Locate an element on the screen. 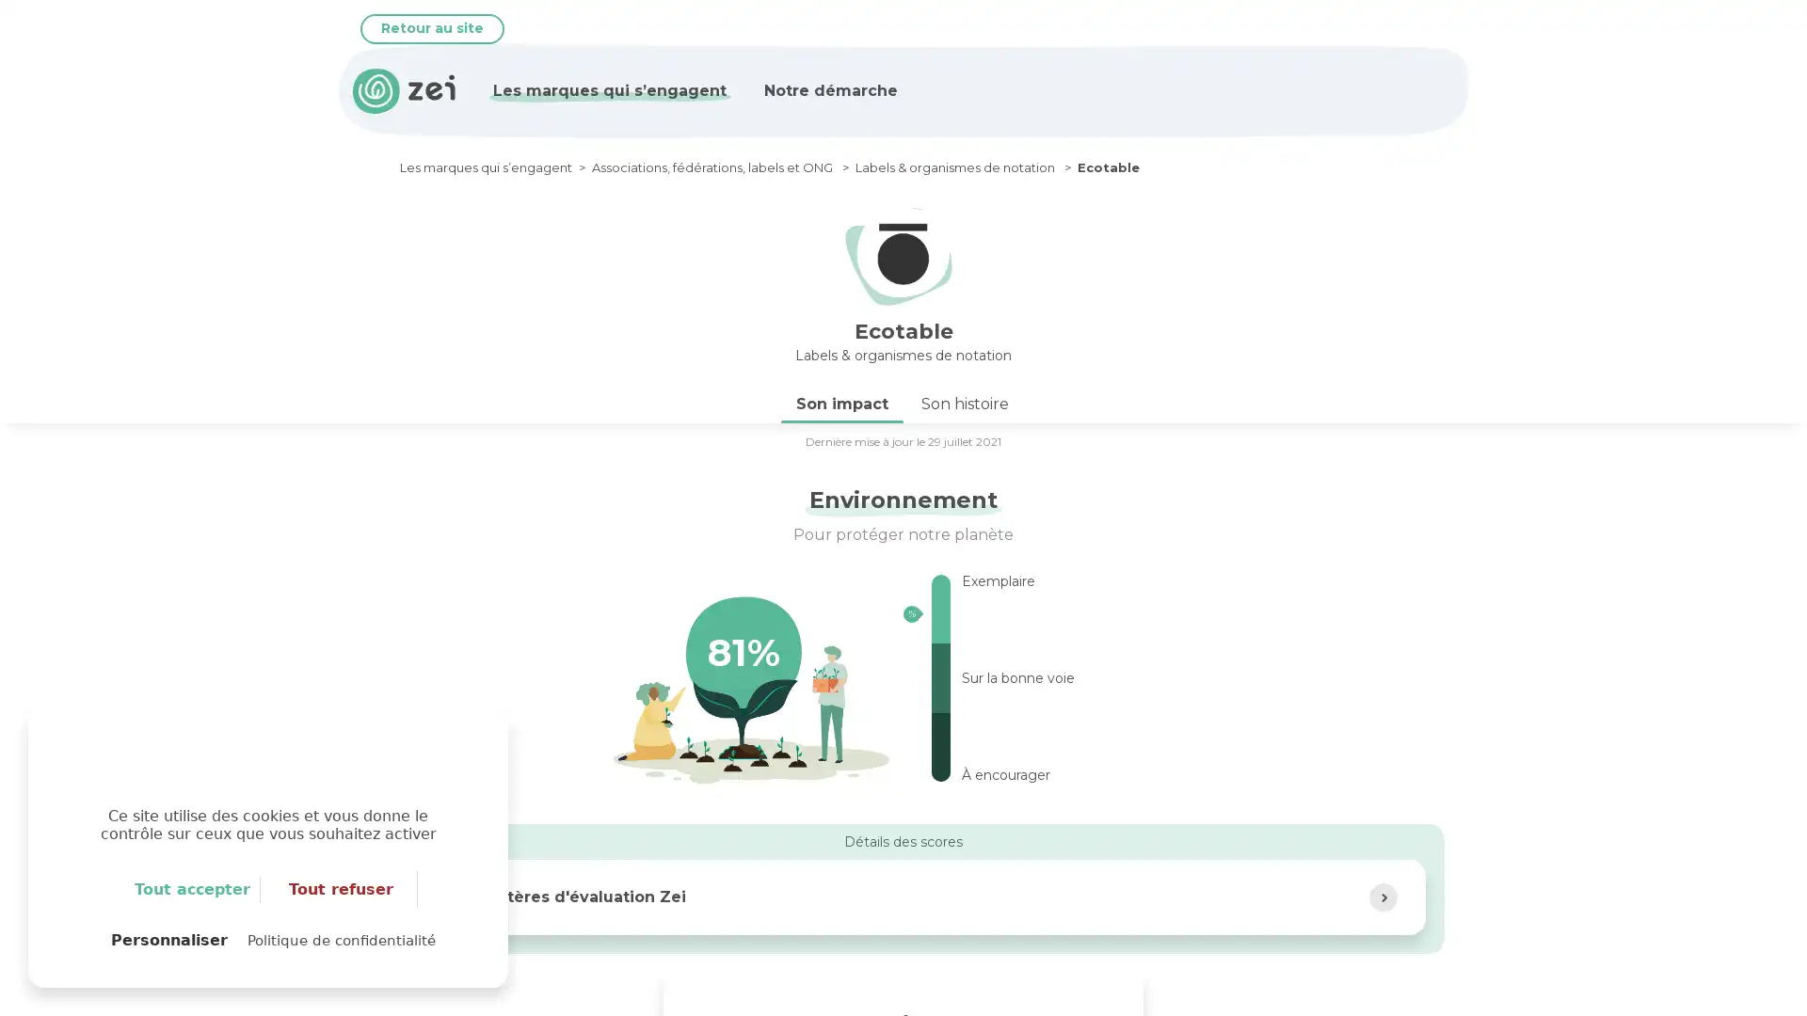 The height and width of the screenshot is (1016, 1807). Tout refuser is located at coordinates (342, 889).